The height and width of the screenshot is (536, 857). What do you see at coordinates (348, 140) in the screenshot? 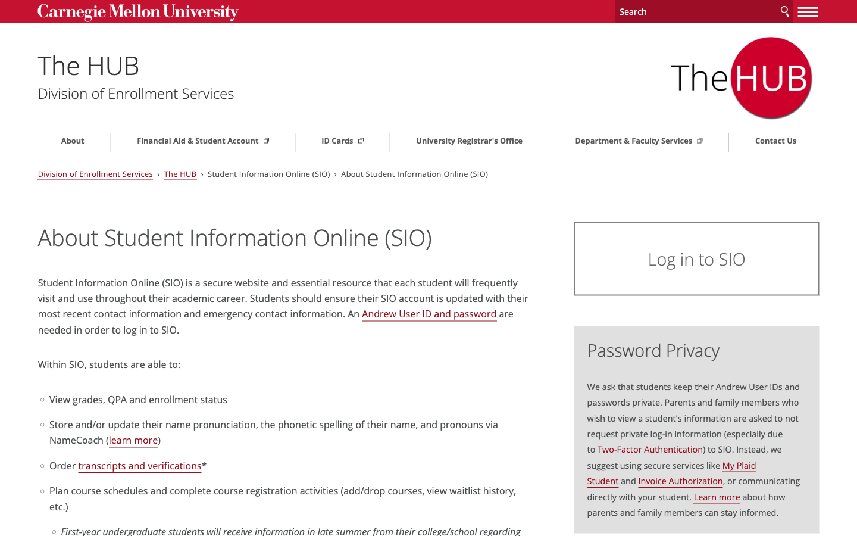
I see `Proceed towards the guide associated with ID Cards` at bounding box center [348, 140].